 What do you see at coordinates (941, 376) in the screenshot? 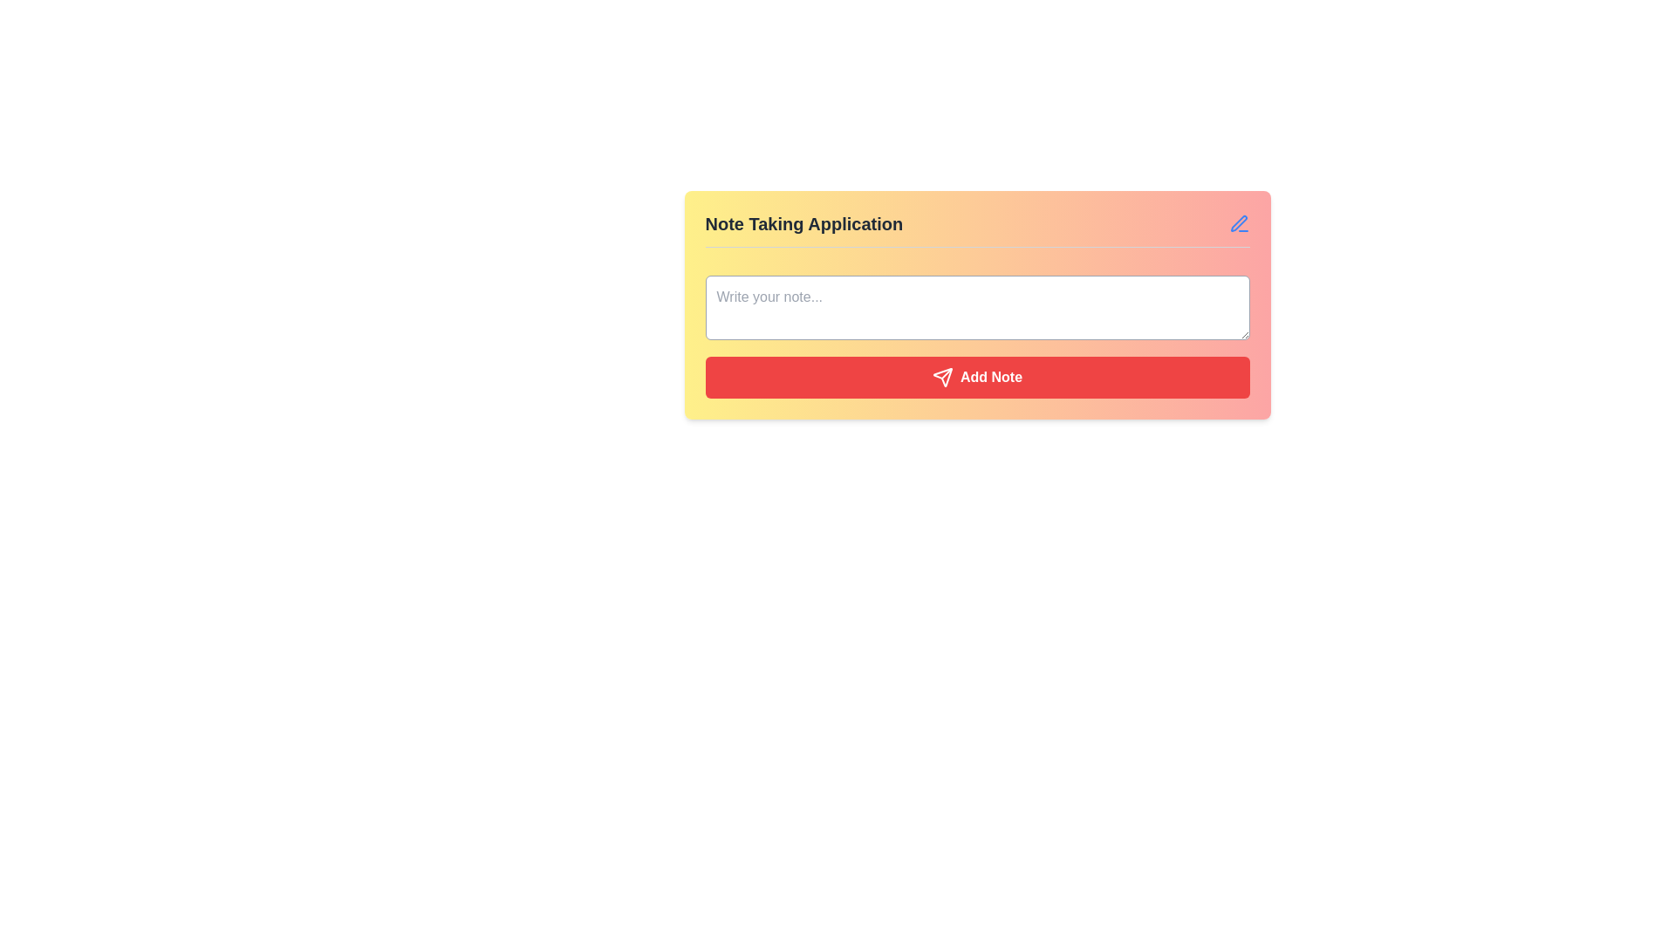
I see `the paper plane icon that symbolizes sending action, located to the left of the 'Add Note' text within the 'Add Note' button at the bottom of the interface` at bounding box center [941, 376].